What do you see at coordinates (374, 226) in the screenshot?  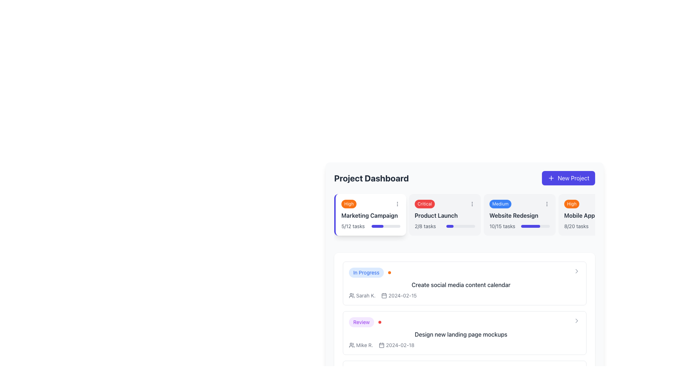 I see `progress on the bar` at bounding box center [374, 226].